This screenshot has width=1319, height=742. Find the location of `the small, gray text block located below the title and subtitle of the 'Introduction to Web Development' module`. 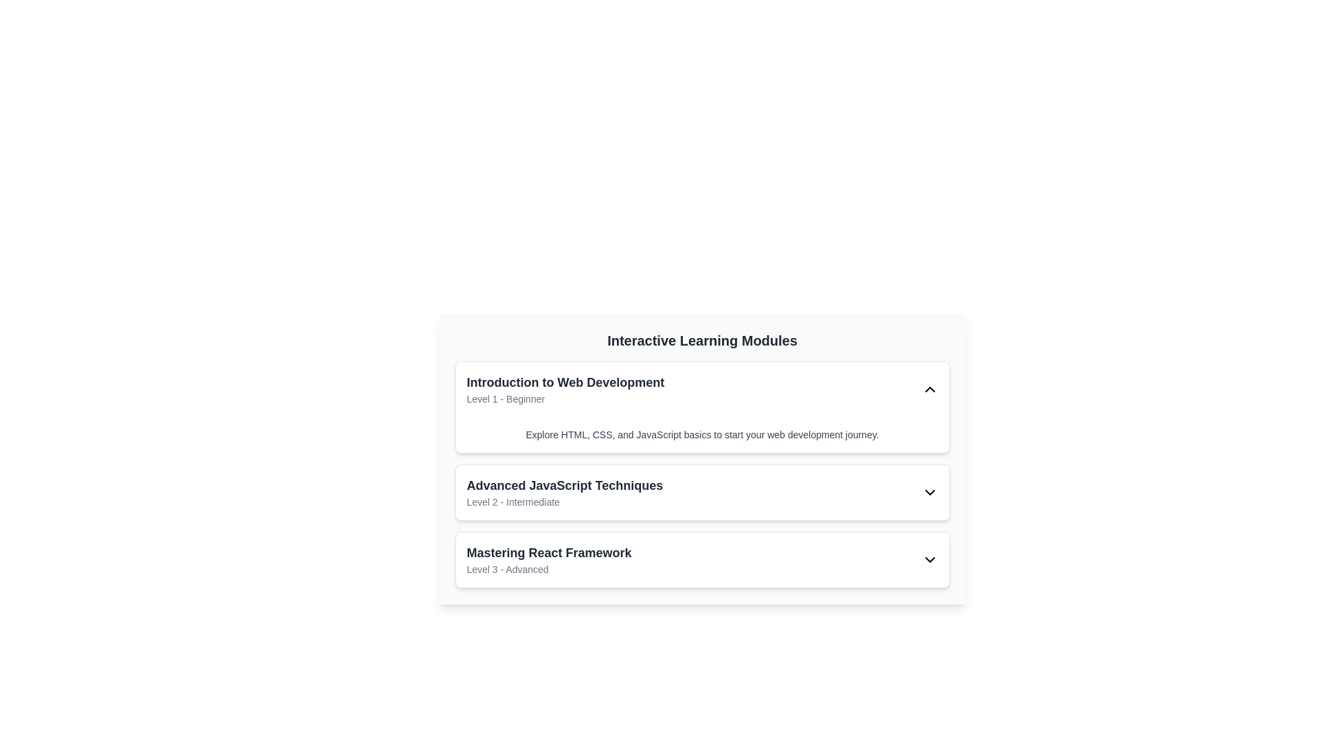

the small, gray text block located below the title and subtitle of the 'Introduction to Web Development' module is located at coordinates (702, 434).